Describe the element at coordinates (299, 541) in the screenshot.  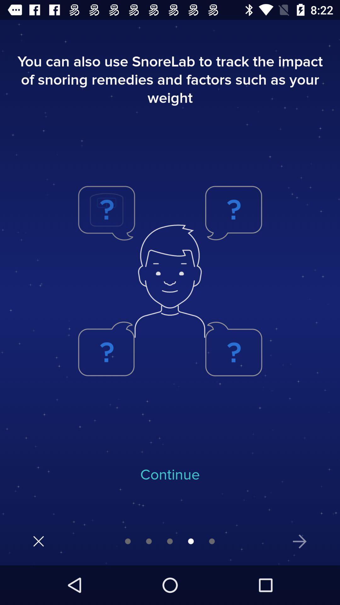
I see `show next tip` at that location.